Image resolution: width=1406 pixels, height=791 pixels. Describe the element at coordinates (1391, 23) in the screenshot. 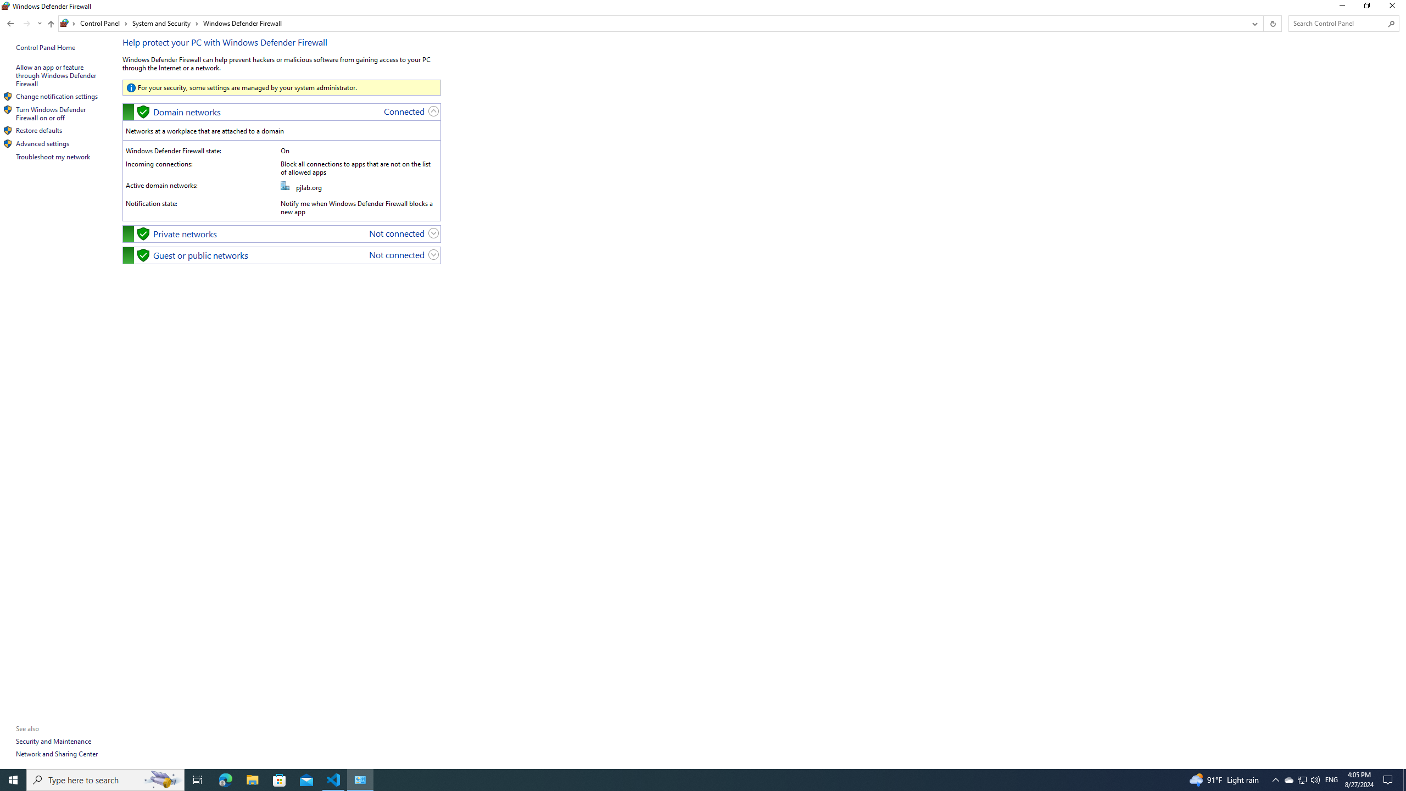

I see `'Search'` at that location.